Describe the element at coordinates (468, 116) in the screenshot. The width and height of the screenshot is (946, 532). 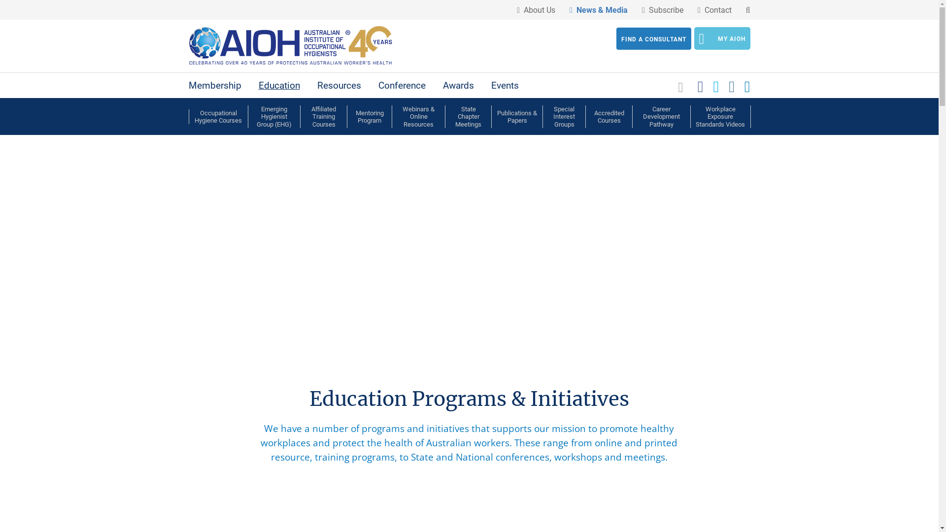
I see `'State Chapter Meetings'` at that location.